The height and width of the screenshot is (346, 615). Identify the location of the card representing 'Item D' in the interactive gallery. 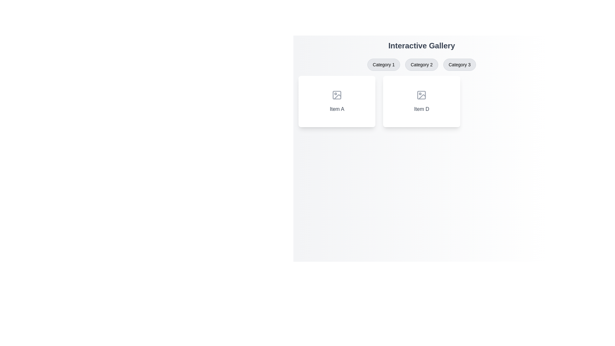
(422, 101).